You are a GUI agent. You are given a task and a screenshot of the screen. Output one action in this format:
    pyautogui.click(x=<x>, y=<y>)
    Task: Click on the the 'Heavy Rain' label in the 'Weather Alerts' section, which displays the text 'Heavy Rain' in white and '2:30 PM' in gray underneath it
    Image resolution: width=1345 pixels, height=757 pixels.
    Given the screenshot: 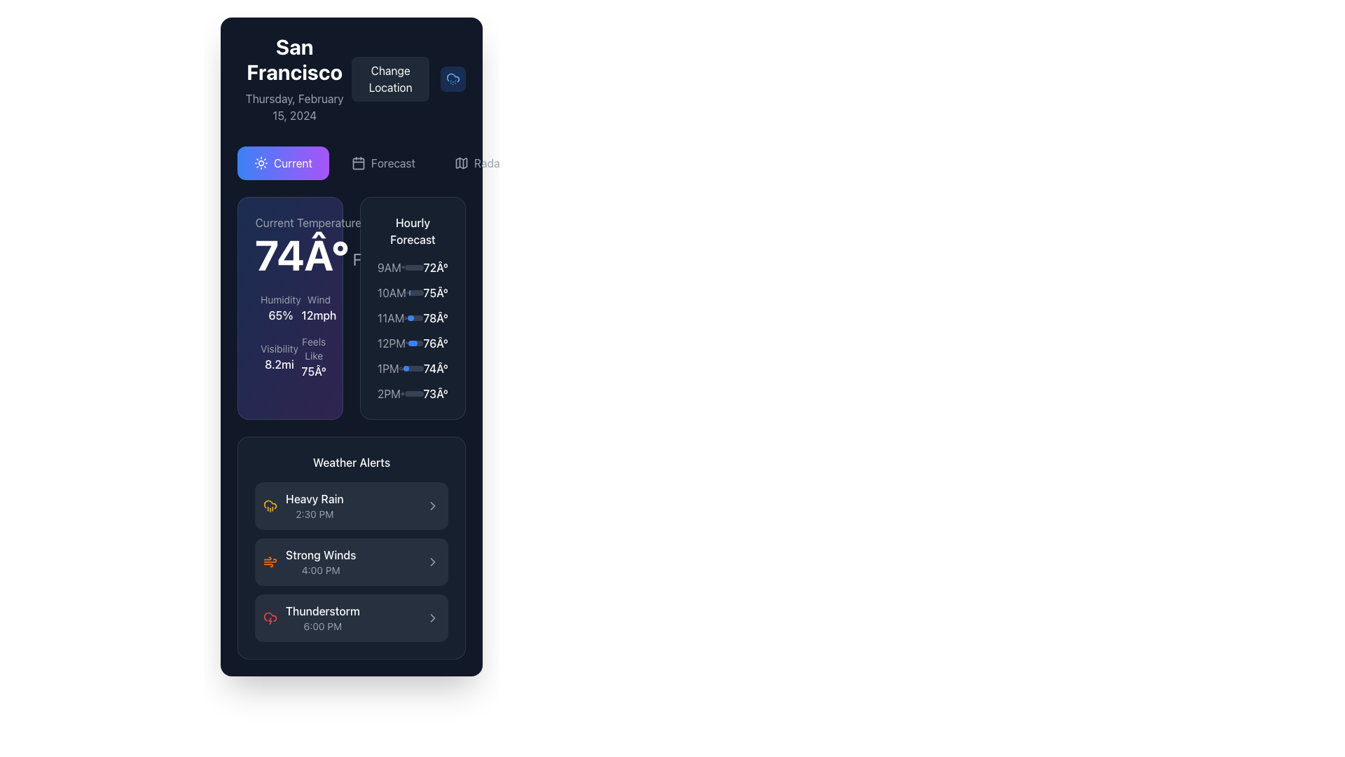 What is the action you would take?
    pyautogui.click(x=314, y=505)
    